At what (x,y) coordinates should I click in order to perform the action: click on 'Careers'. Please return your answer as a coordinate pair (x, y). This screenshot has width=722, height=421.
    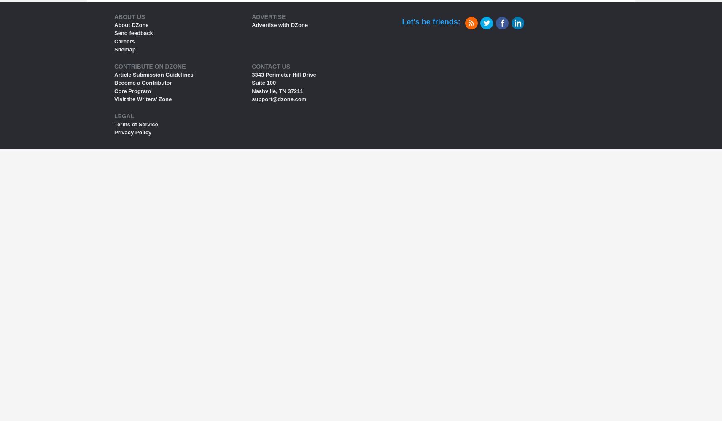
    Looking at the image, I should click on (124, 40).